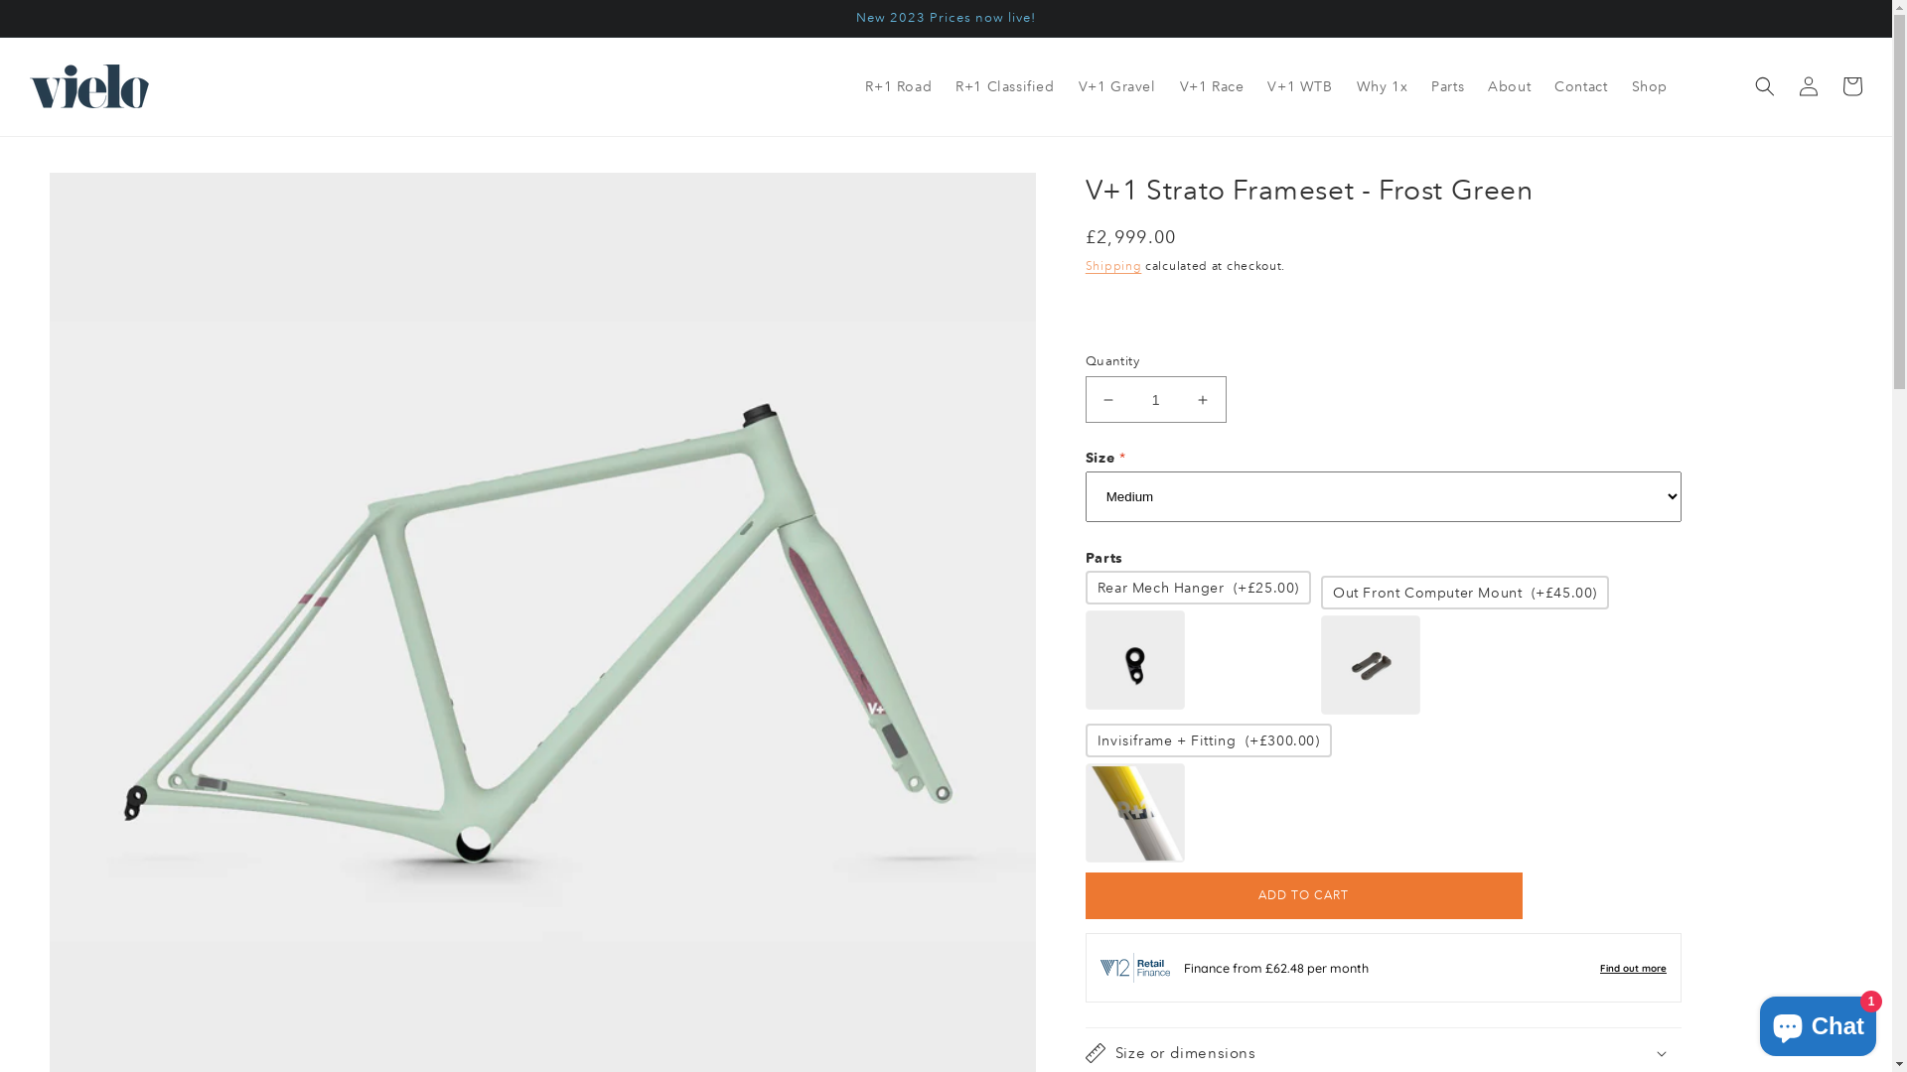  Describe the element at coordinates (1447, 85) in the screenshot. I see `'Parts'` at that location.